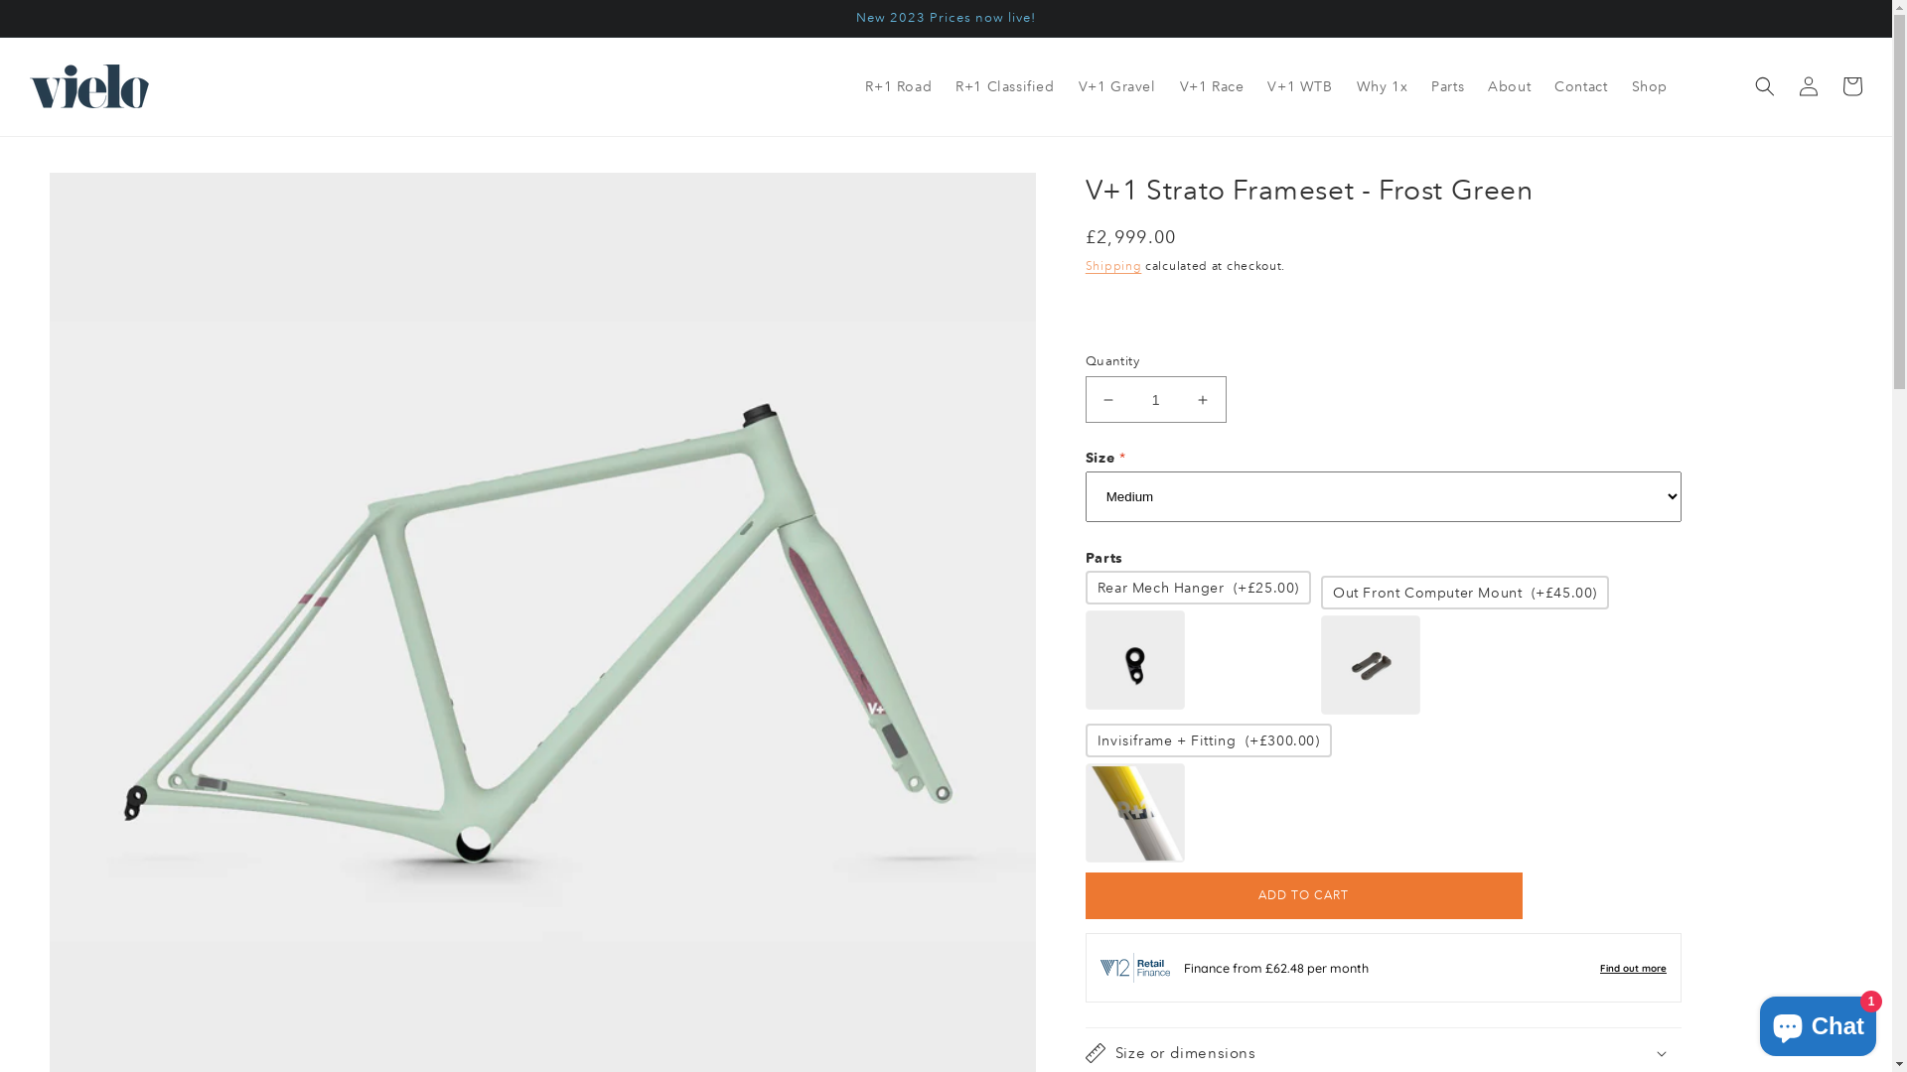  Describe the element at coordinates (1447, 85) in the screenshot. I see `'Parts'` at that location.